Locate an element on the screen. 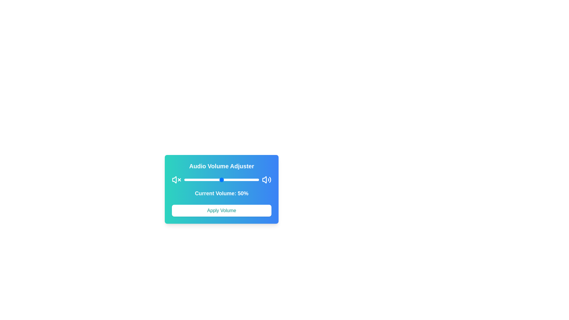 This screenshot has height=320, width=569. the volume to 68% by dragging the slider is located at coordinates (235, 179).